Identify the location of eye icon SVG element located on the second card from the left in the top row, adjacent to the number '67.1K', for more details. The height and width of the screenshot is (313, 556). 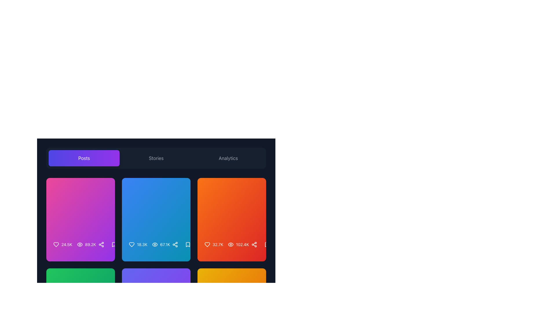
(155, 245).